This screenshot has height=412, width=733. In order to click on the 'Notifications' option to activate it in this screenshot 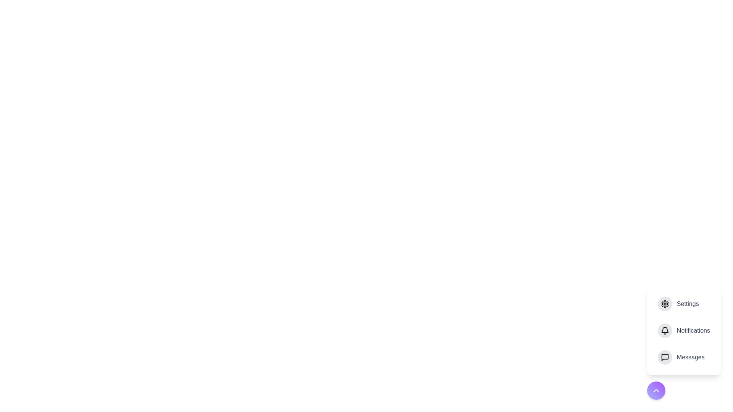, I will do `click(683, 330)`.